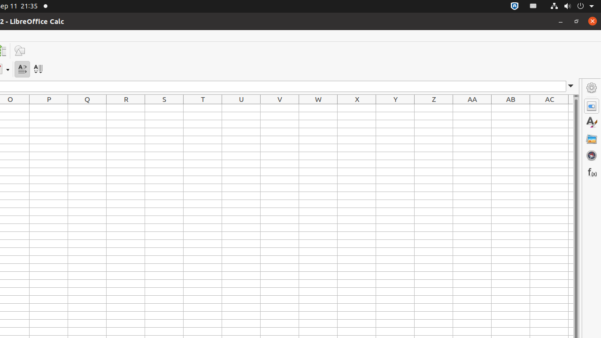 The height and width of the screenshot is (338, 601). What do you see at coordinates (591, 154) in the screenshot?
I see `'Navigator'` at bounding box center [591, 154].